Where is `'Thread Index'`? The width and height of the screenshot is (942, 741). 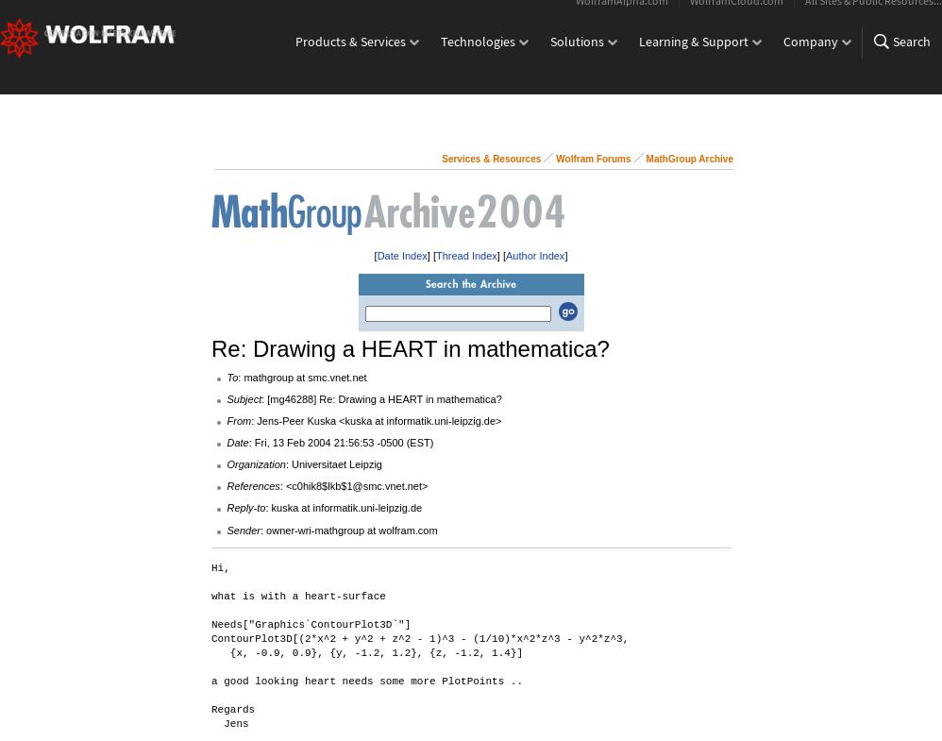
'Thread Index' is located at coordinates (465, 254).